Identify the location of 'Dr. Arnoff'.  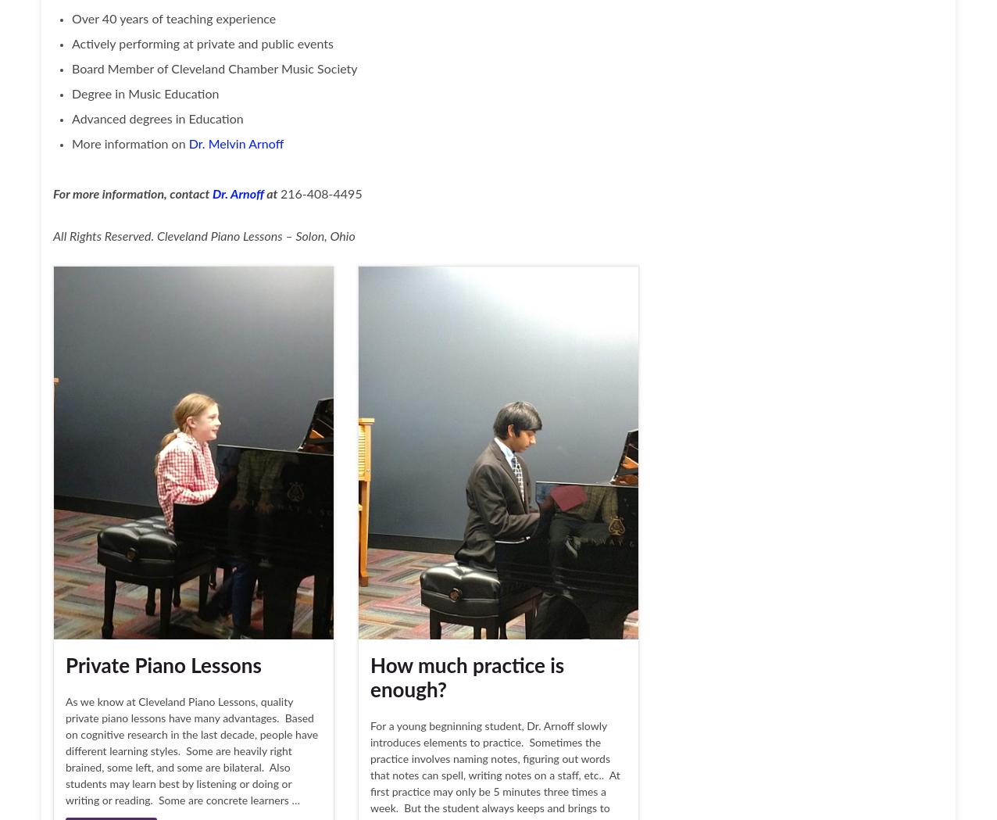
(236, 192).